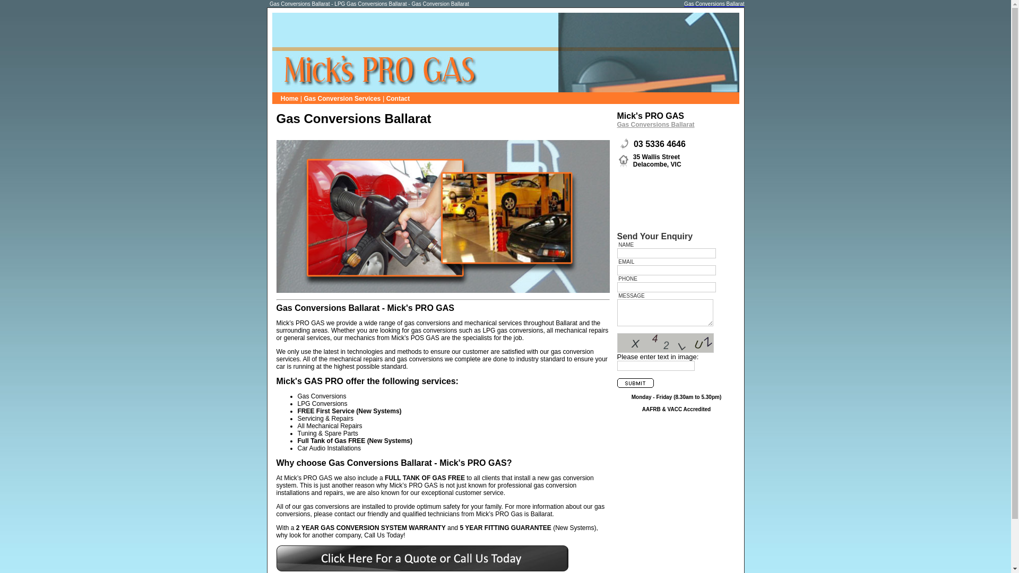 Image resolution: width=1019 pixels, height=573 pixels. I want to click on 'Contact', so click(398, 98).